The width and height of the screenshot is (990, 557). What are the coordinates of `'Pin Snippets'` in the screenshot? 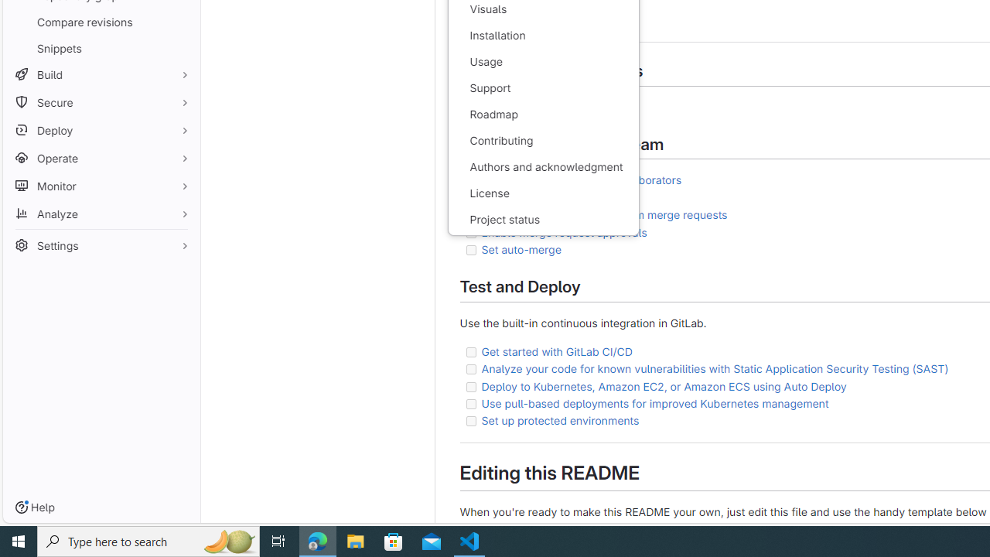 It's located at (181, 47).